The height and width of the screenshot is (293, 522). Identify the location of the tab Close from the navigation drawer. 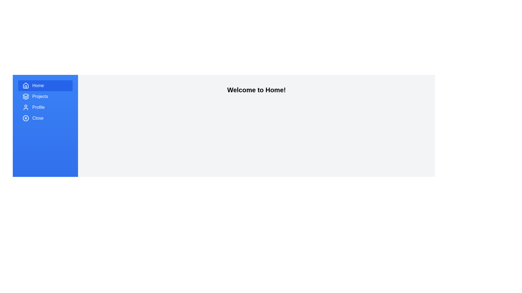
(45, 118).